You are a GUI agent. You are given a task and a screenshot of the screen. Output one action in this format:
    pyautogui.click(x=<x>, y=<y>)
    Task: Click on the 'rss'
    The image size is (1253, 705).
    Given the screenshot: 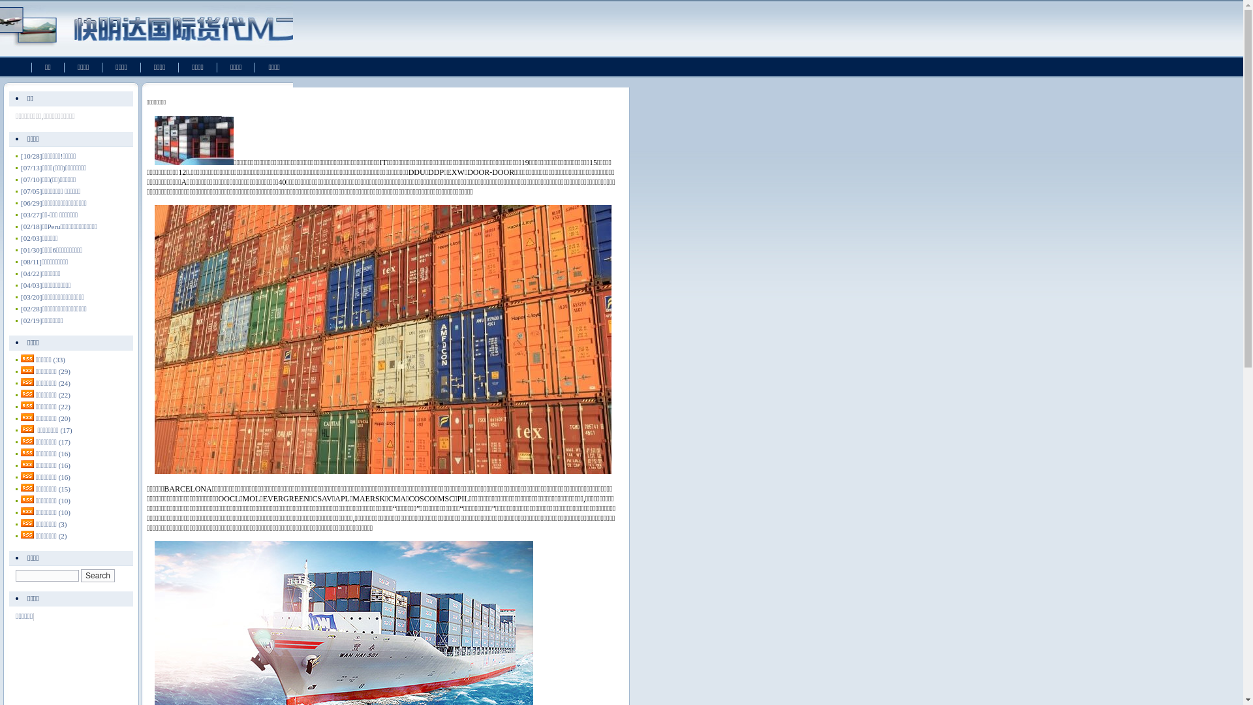 What is the action you would take?
    pyautogui.click(x=21, y=370)
    